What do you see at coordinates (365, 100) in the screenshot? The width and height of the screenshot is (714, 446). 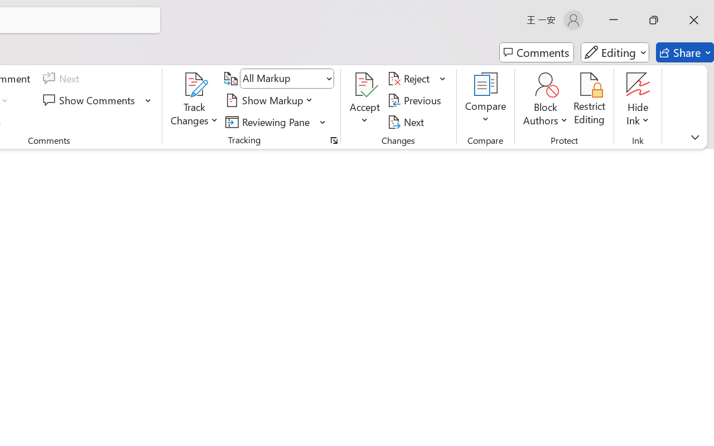 I see `'Accept'` at bounding box center [365, 100].